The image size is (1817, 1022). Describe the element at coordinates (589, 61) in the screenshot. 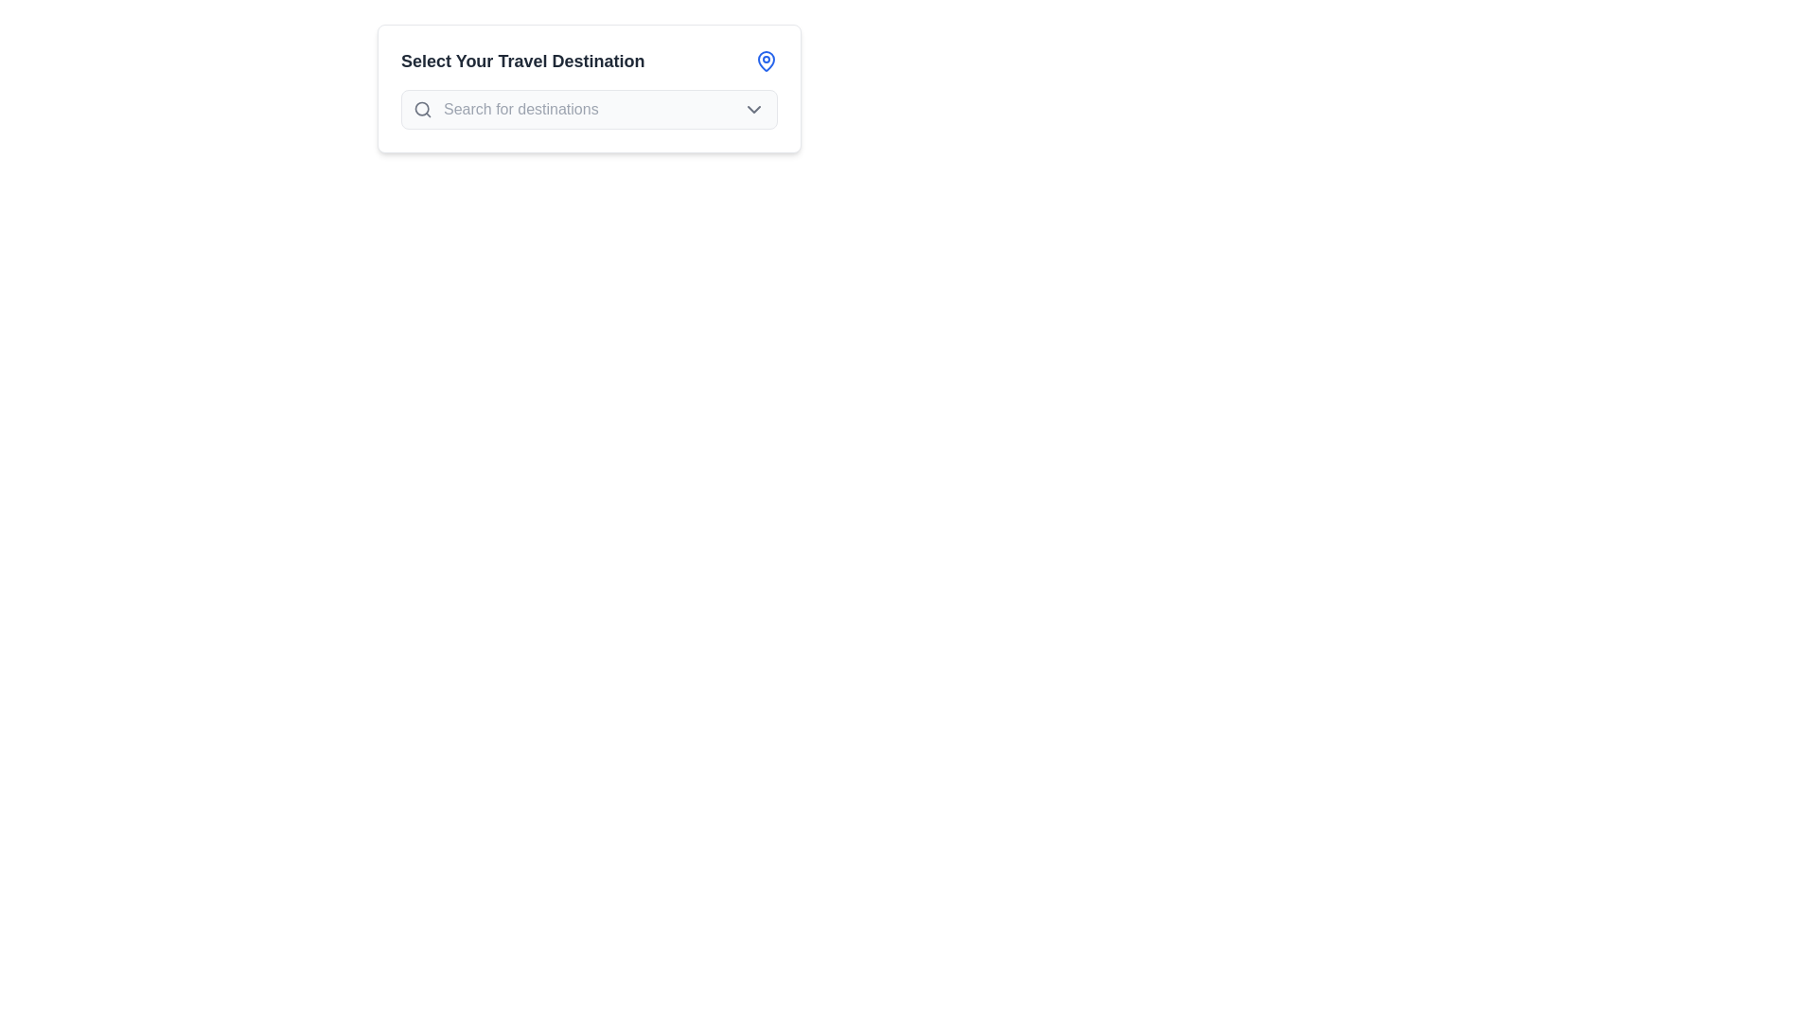

I see `the text header 'Select Your Travel Destination' with the map pin icon` at that location.